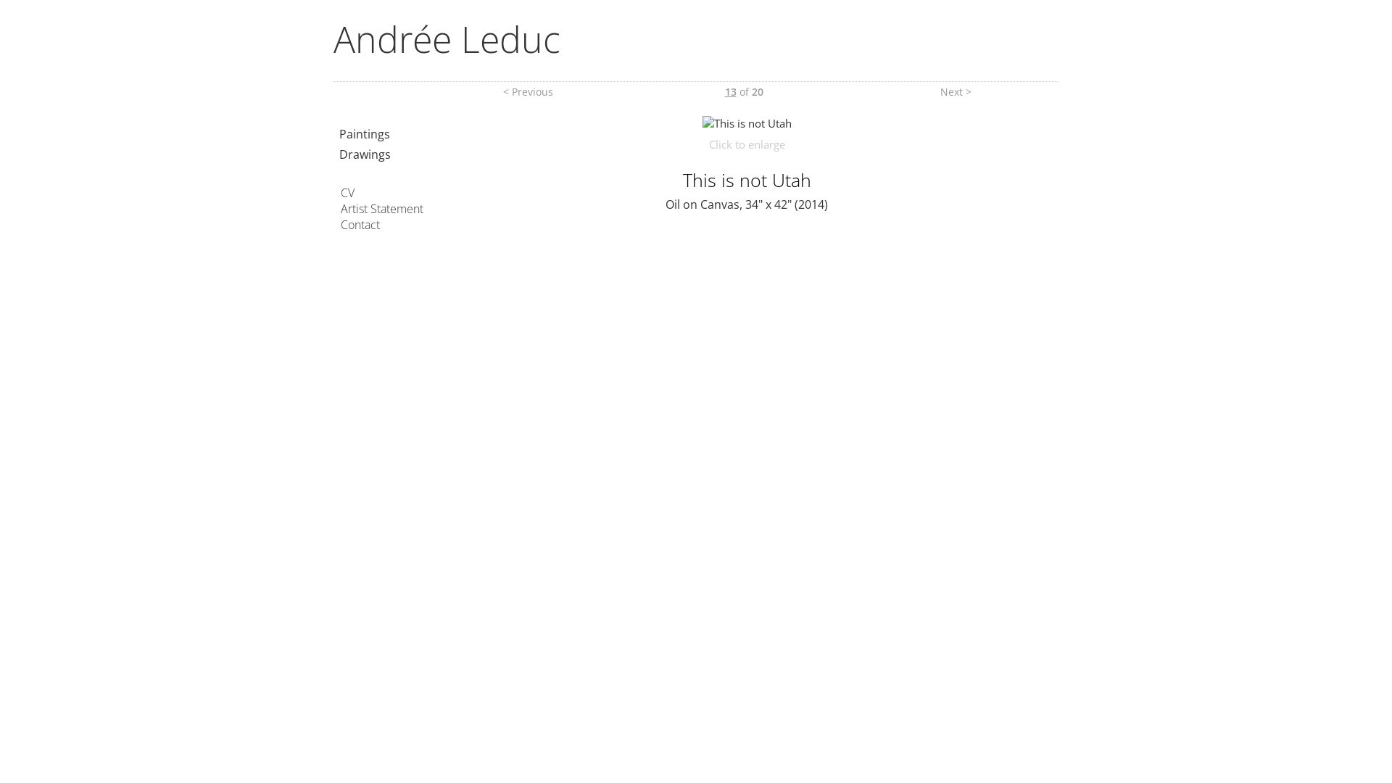 The image size is (1392, 783). I want to click on ' This is not Utah ', so click(746, 122).